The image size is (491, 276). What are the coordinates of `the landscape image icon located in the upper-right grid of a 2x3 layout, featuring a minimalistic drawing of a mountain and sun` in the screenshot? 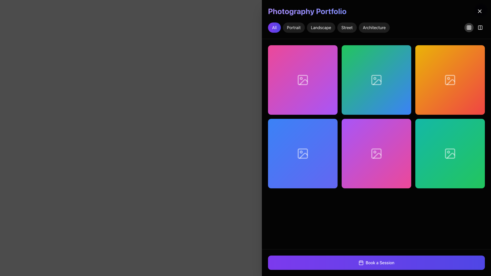 It's located at (451, 82).